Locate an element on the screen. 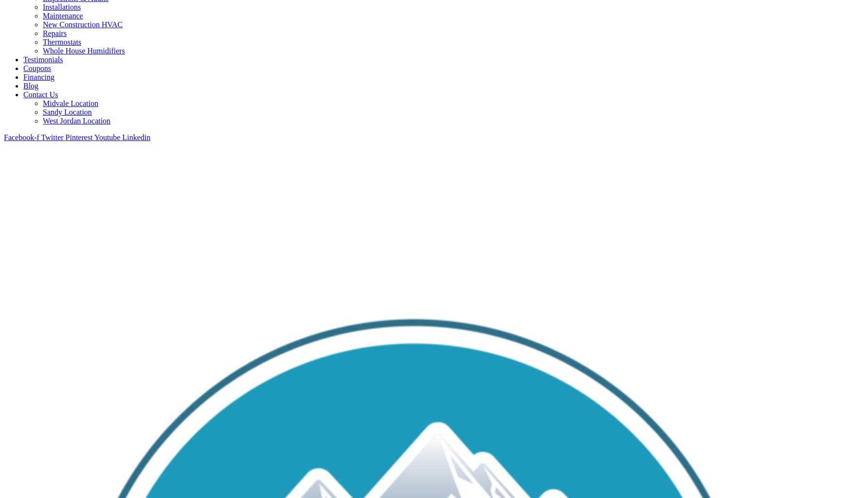 The width and height of the screenshot is (862, 498). 'Facebook-f' is located at coordinates (20, 137).